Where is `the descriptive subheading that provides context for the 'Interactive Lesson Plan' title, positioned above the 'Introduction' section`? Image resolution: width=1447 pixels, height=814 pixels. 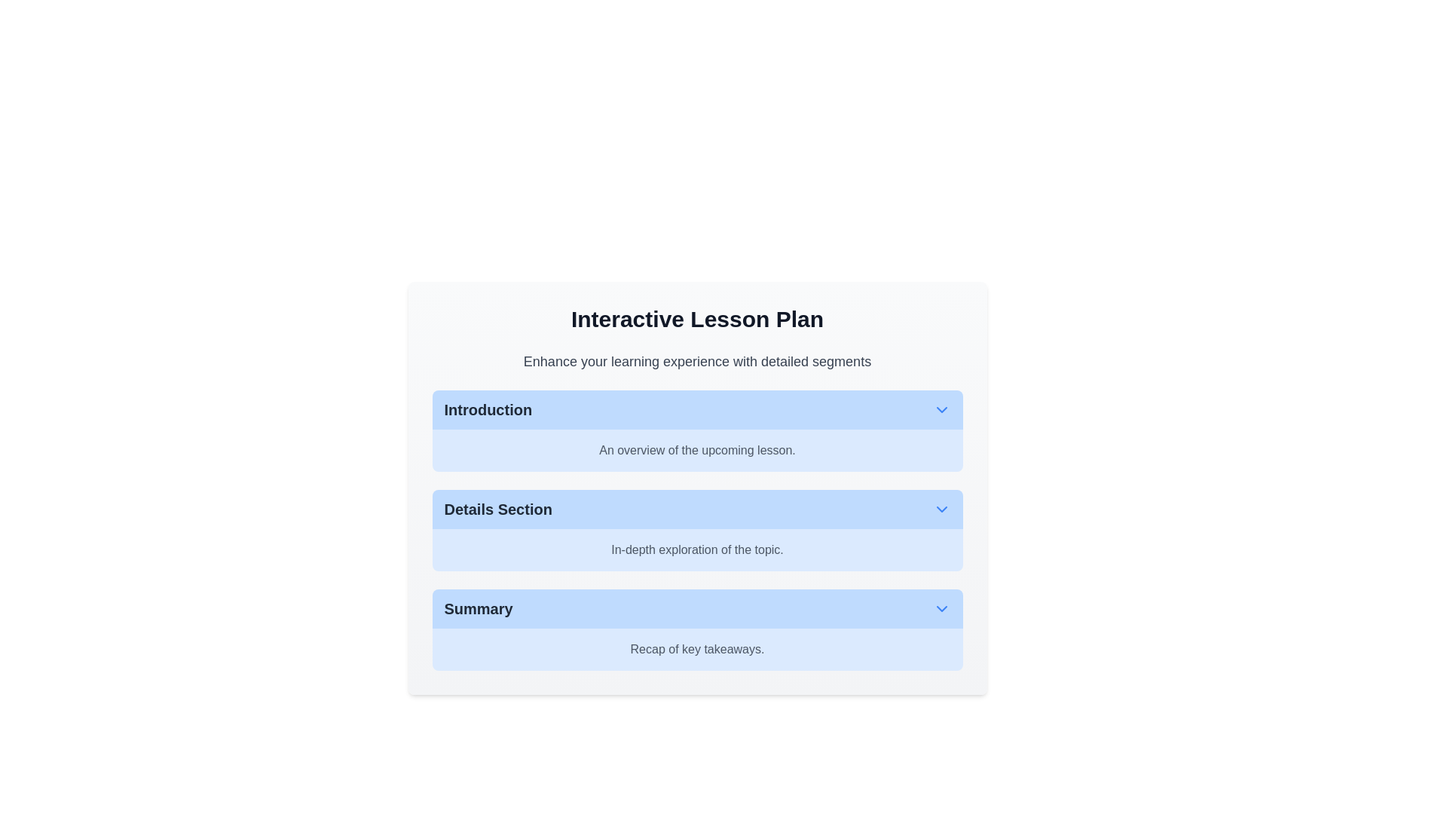
the descriptive subheading that provides context for the 'Interactive Lesson Plan' title, positioned above the 'Introduction' section is located at coordinates (696, 361).